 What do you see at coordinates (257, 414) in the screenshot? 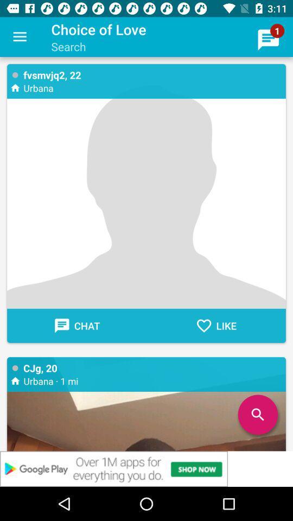
I see `the search icon` at bounding box center [257, 414].